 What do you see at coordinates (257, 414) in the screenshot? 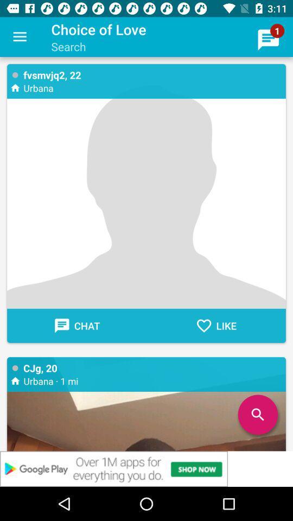
I see `the search icon` at bounding box center [257, 414].